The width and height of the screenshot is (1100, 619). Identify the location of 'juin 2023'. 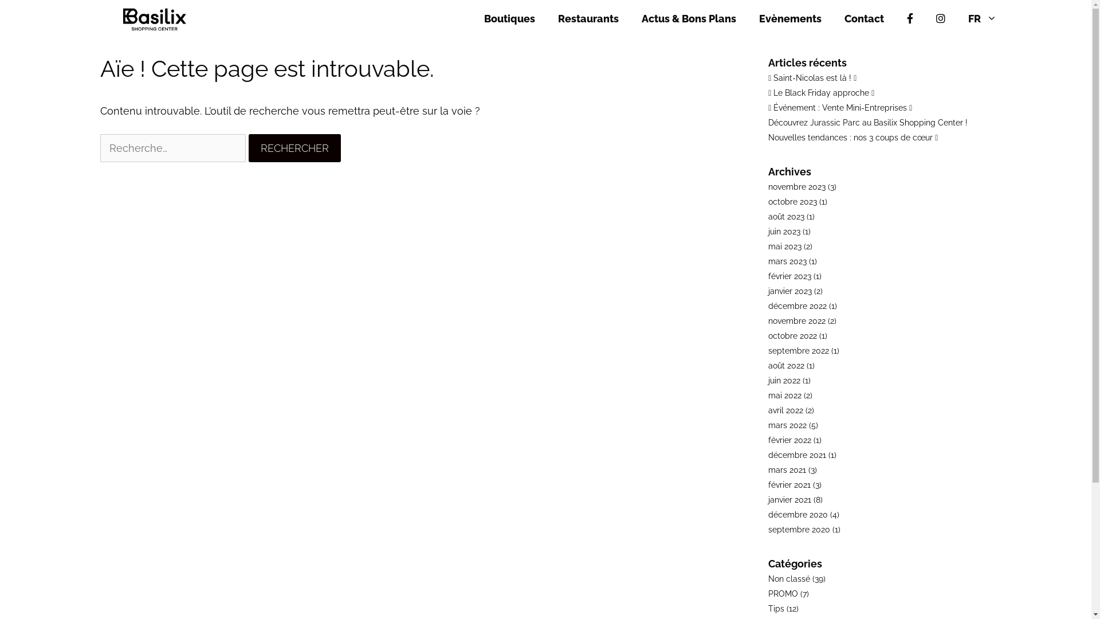
(768, 232).